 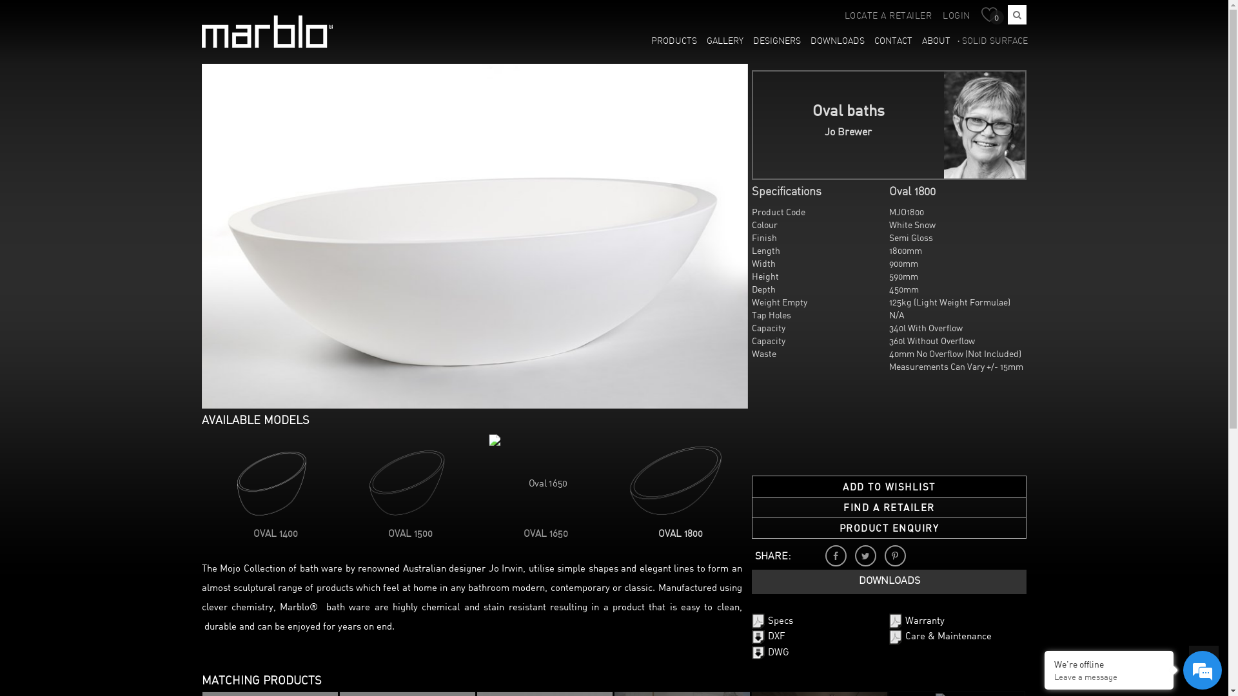 I want to click on 'Oval 1800', so click(x=671, y=480).